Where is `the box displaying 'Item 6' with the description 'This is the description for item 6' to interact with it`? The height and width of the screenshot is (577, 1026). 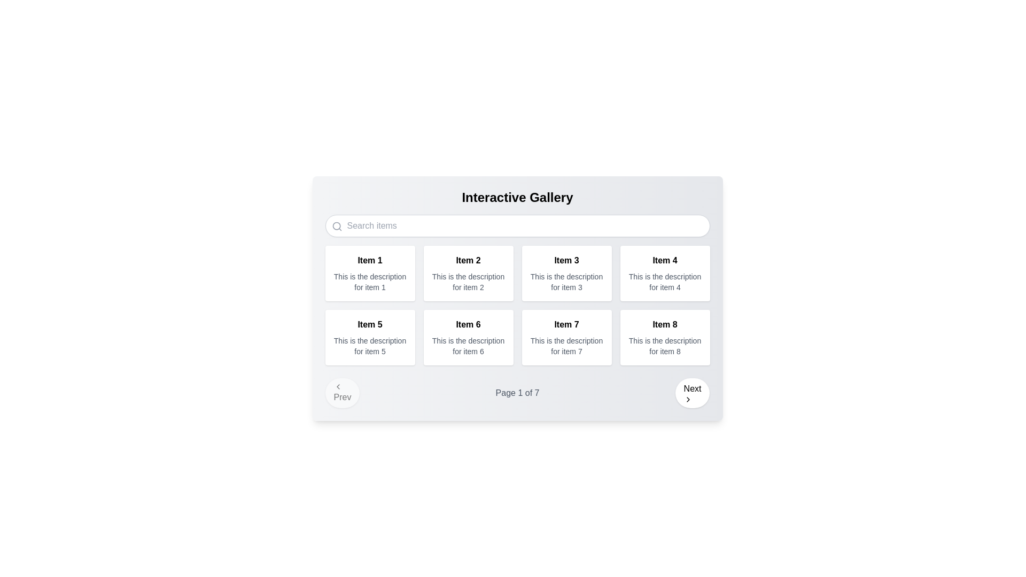 the box displaying 'Item 6' with the description 'This is the description for item 6' to interact with it is located at coordinates (468, 338).